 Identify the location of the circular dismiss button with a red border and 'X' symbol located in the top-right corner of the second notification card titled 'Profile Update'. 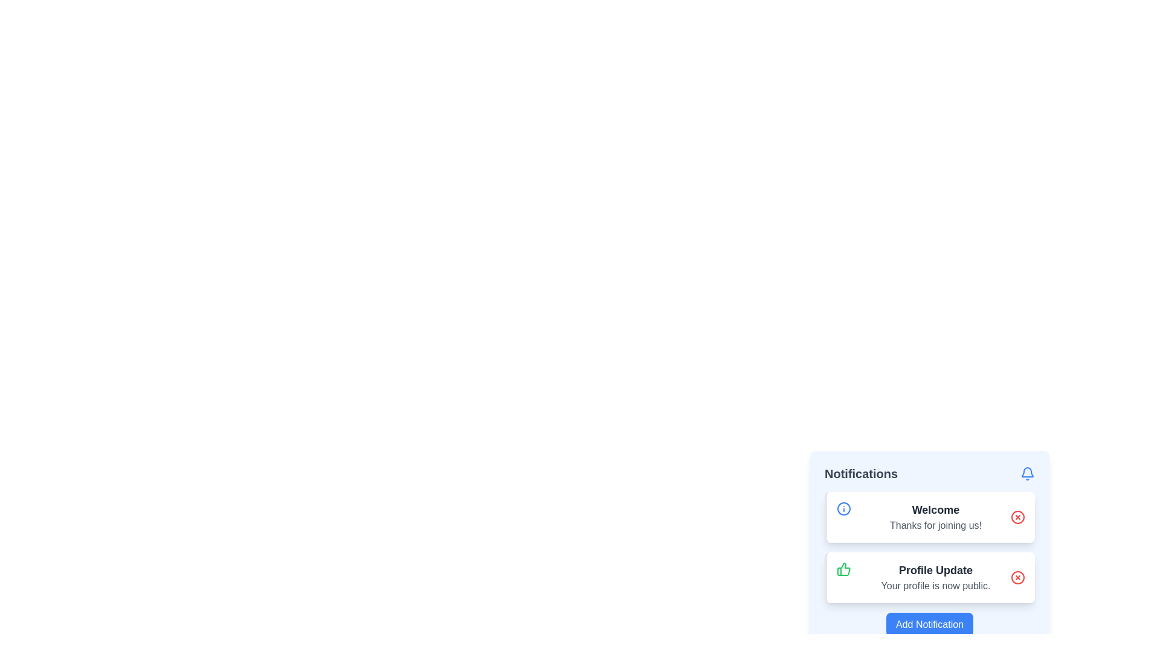
(1017, 577).